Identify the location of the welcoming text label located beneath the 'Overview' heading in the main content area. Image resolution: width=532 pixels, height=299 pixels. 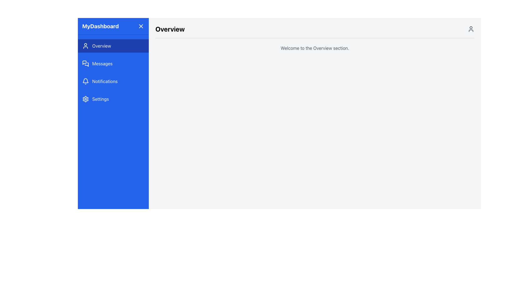
(315, 48).